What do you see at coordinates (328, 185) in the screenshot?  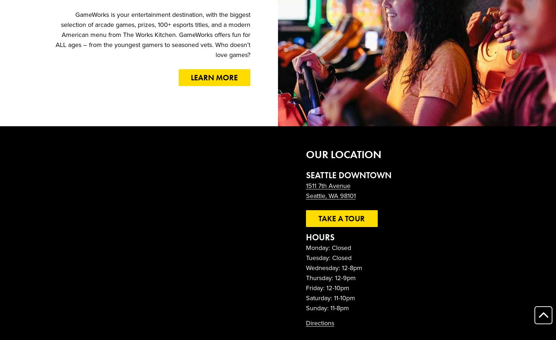 I see `'1511 7th Avenue'` at bounding box center [328, 185].